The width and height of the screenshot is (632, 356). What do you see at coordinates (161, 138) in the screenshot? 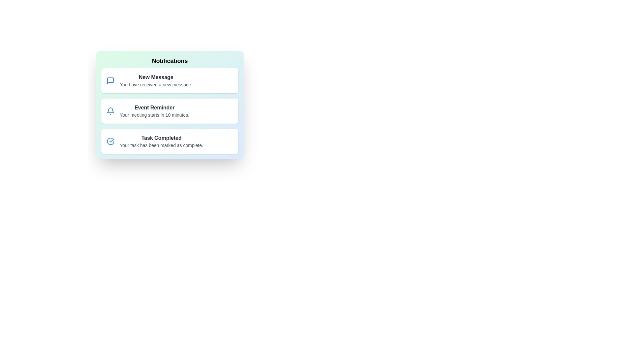
I see `the notification title Task Completed` at bounding box center [161, 138].